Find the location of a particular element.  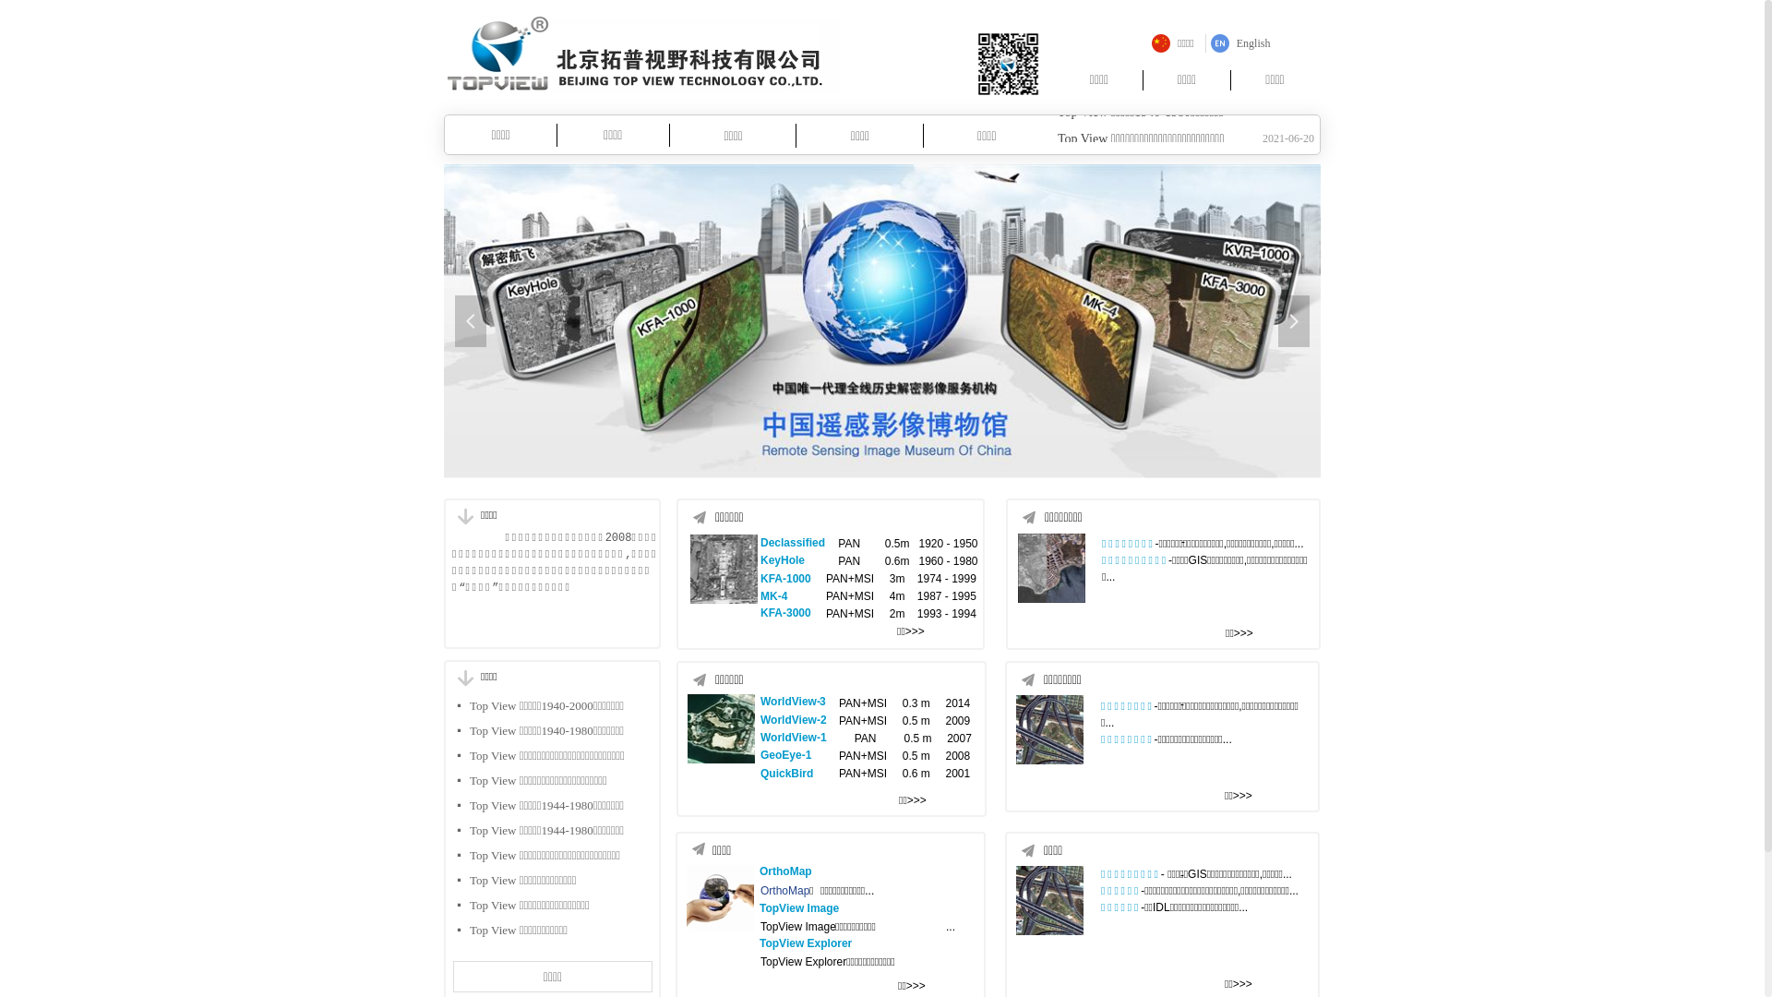

'KFA-1000' is located at coordinates (785, 578).